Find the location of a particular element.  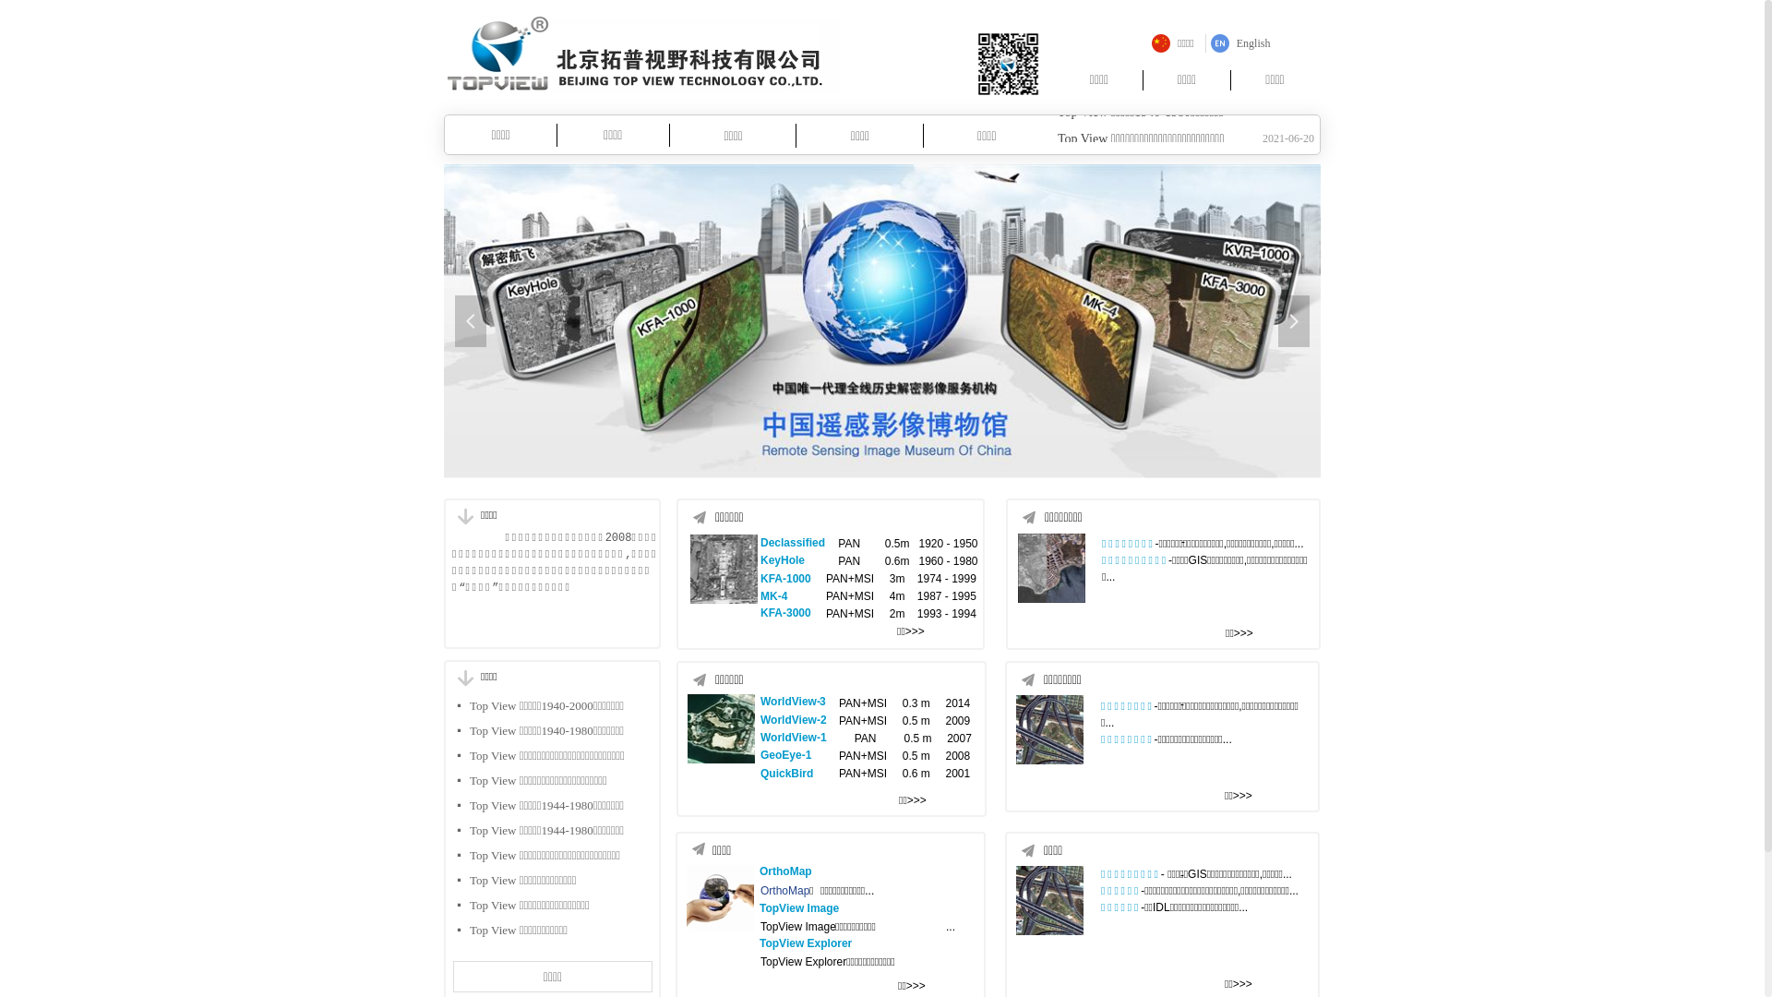

'KFA-1000' is located at coordinates (785, 578).